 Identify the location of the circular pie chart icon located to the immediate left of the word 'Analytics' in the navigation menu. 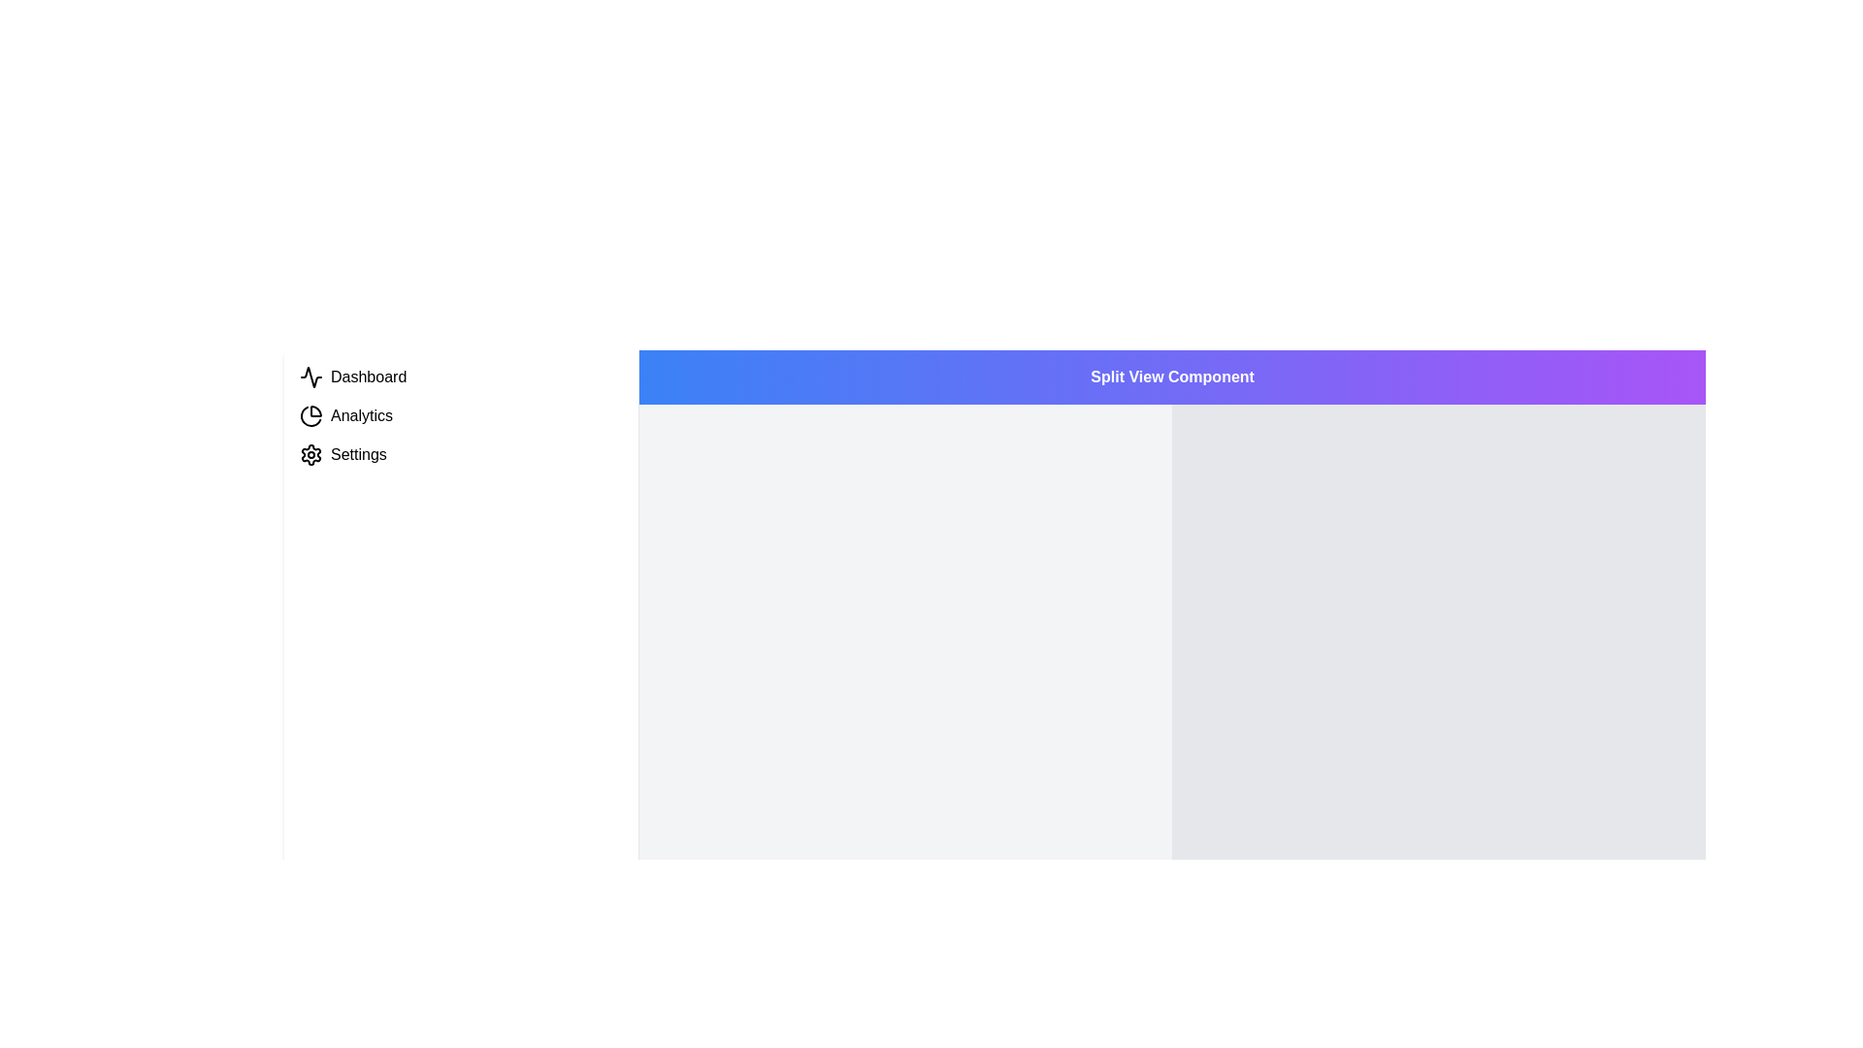
(311, 414).